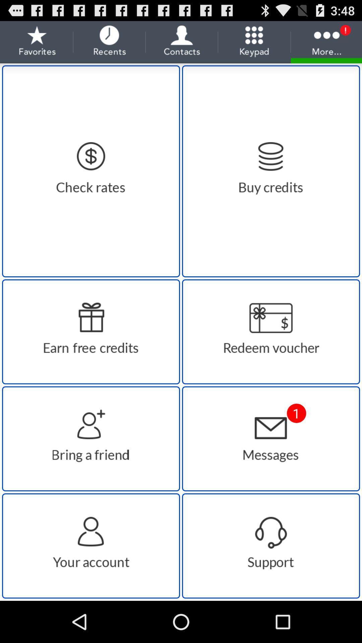 This screenshot has height=643, width=362. I want to click on messages, so click(270, 439).